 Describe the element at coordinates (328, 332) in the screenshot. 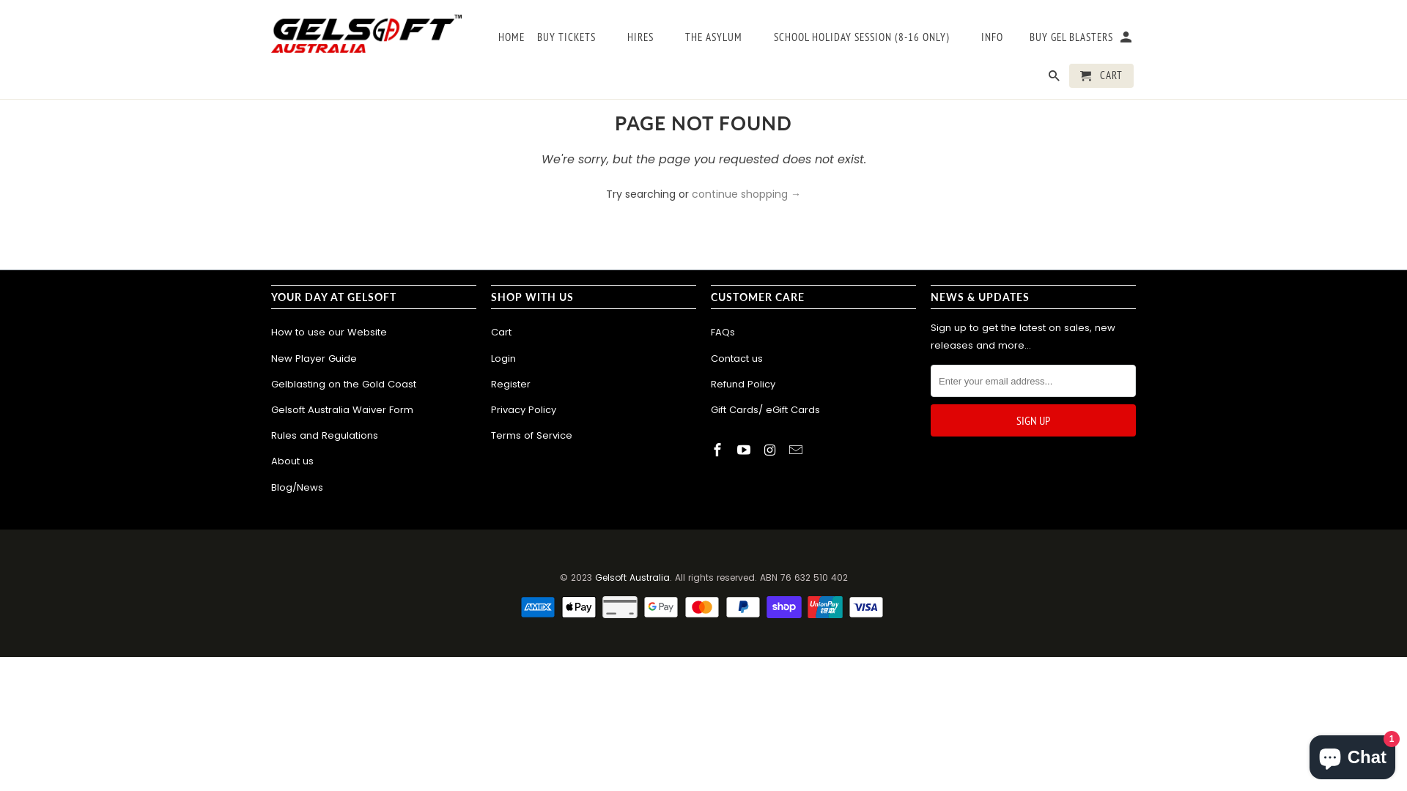

I see `'How to use our Website'` at that location.